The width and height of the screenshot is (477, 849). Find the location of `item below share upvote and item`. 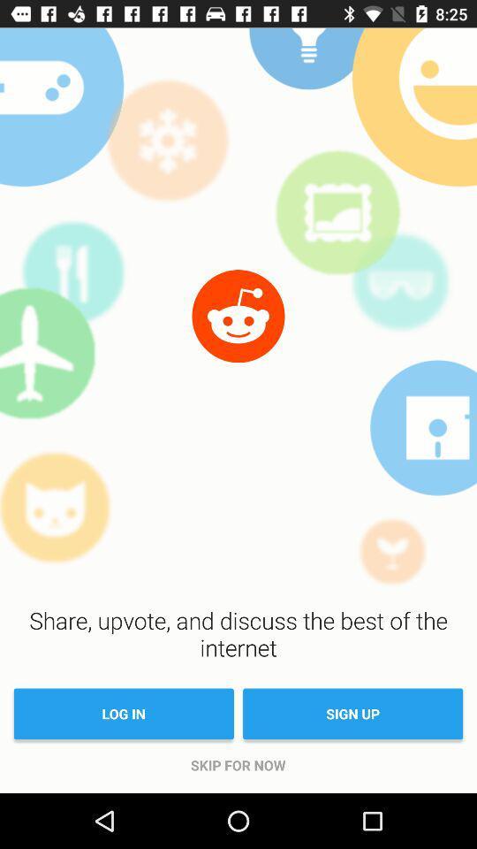

item below share upvote and item is located at coordinates (352, 714).